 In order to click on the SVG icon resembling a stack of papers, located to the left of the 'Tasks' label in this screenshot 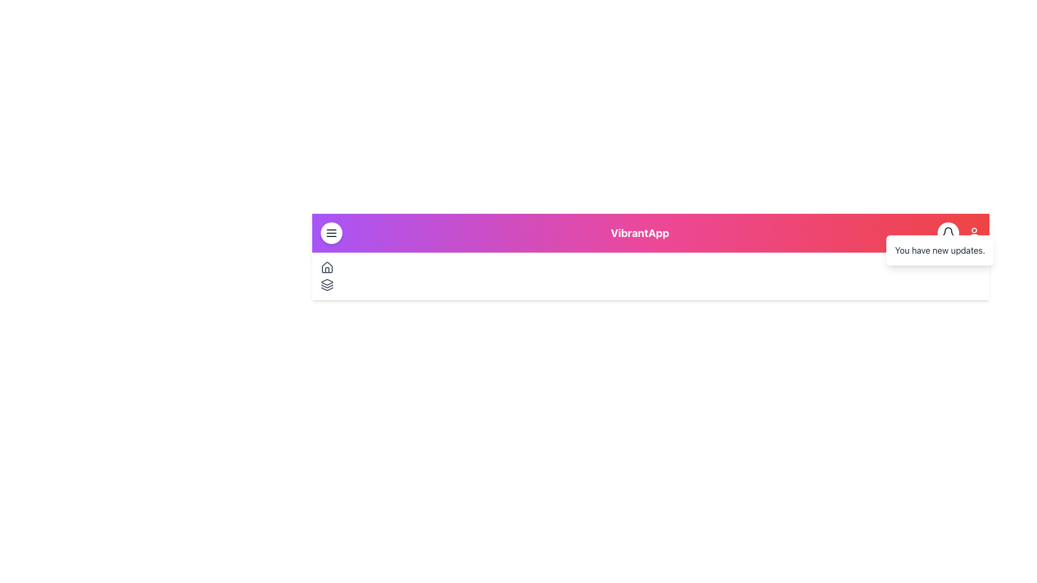, I will do `click(326, 284)`.